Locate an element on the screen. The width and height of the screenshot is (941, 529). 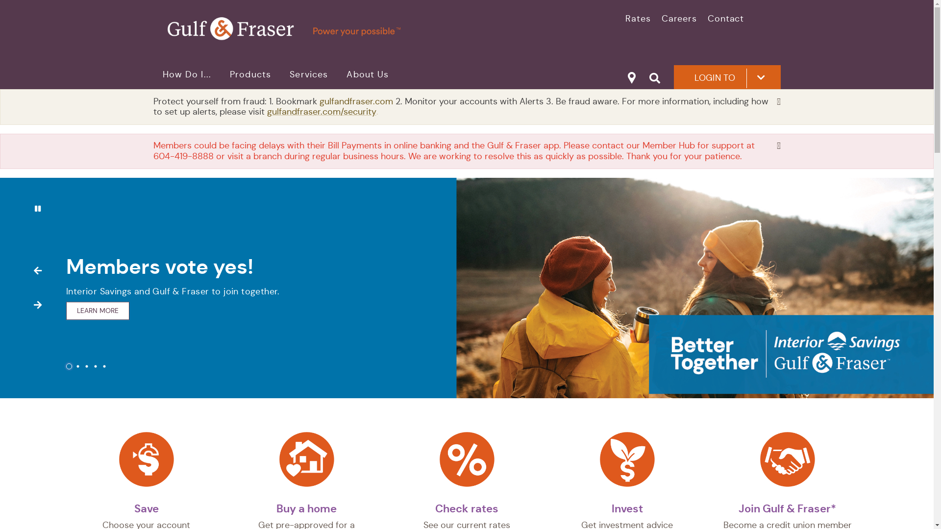
'Check rates' is located at coordinates (466, 508).